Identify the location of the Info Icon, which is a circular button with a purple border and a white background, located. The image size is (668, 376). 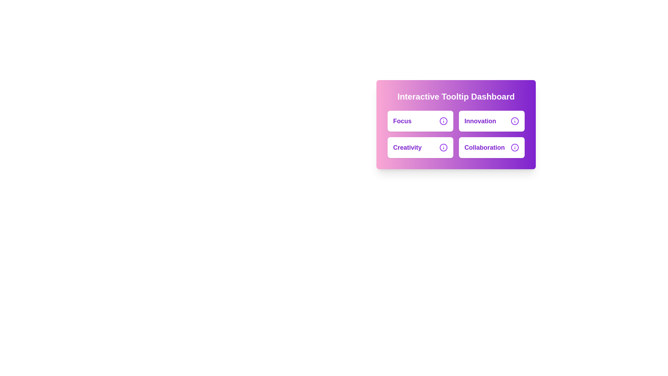
(443, 147).